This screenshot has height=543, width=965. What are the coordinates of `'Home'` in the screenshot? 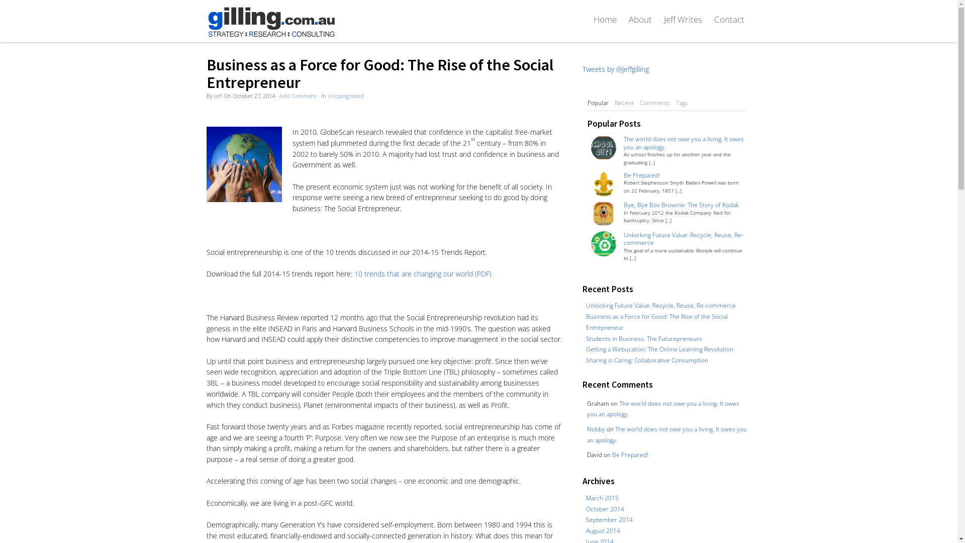 It's located at (604, 19).